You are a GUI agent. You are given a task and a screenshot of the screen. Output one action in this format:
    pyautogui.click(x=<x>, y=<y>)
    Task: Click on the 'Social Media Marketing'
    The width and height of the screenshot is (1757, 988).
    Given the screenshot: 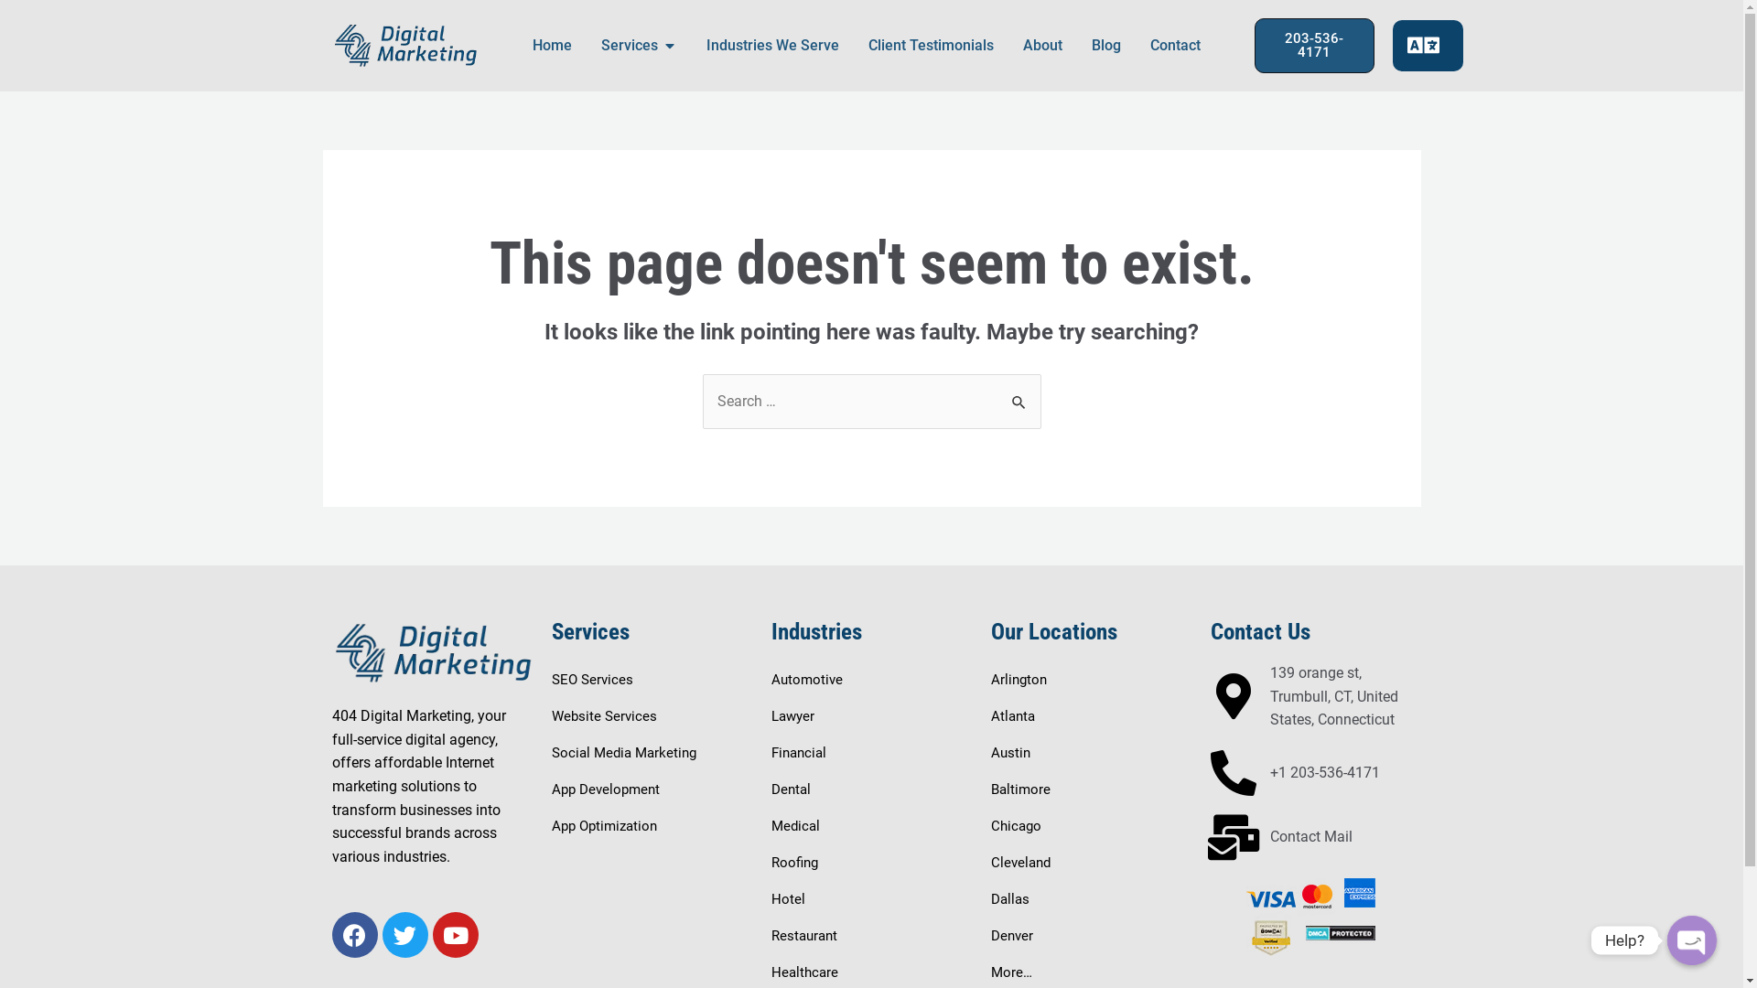 What is the action you would take?
    pyautogui.click(x=623, y=752)
    